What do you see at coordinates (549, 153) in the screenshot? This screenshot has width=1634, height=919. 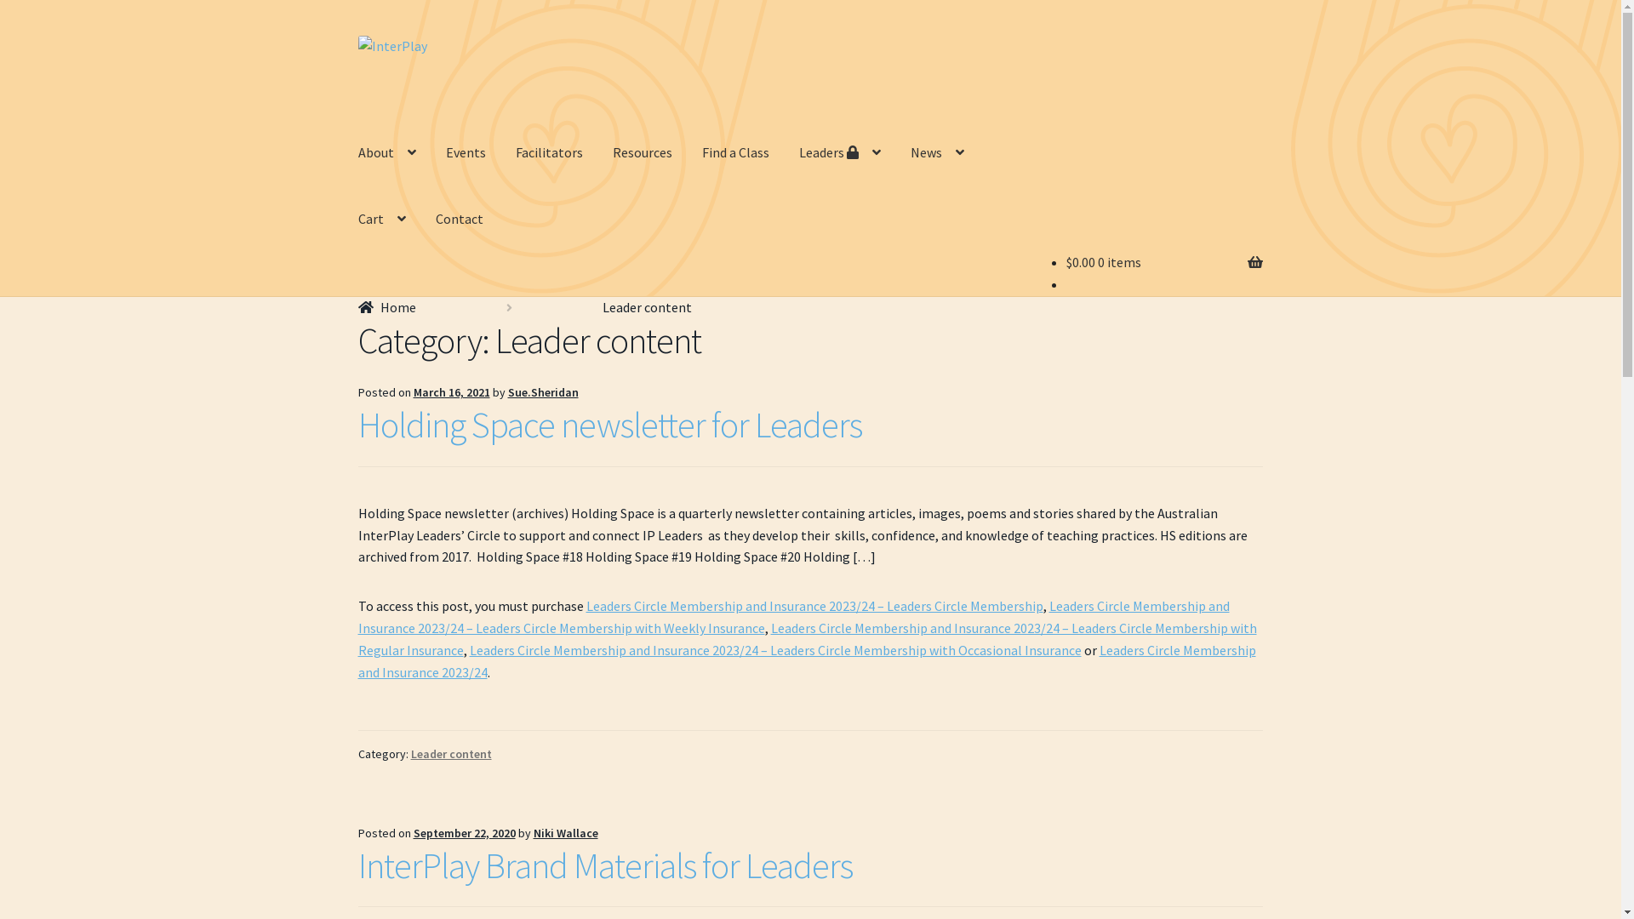 I see `'Facilitators'` at bounding box center [549, 153].